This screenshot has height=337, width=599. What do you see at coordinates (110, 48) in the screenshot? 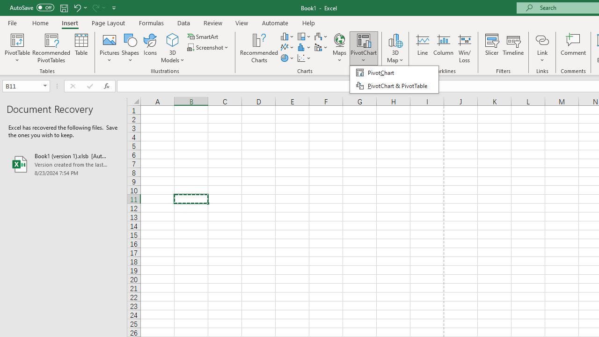
I see `'Pictures'` at bounding box center [110, 48].